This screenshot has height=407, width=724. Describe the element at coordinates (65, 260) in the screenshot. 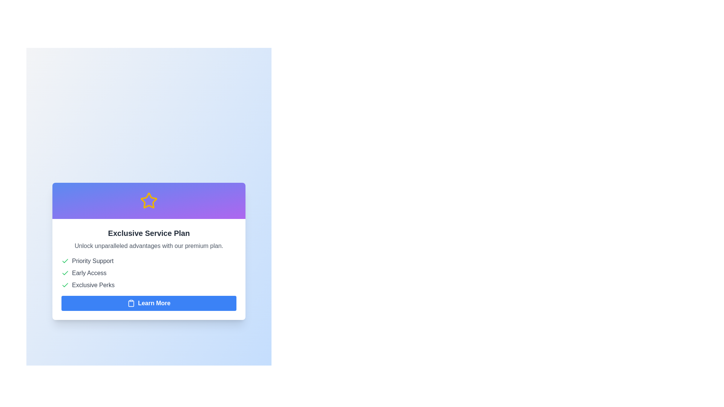

I see `the visual state of the checkmark icon indicating early access, located to the left of the text 'Early Access' in the list under 'Exclusive Service Plan'` at that location.